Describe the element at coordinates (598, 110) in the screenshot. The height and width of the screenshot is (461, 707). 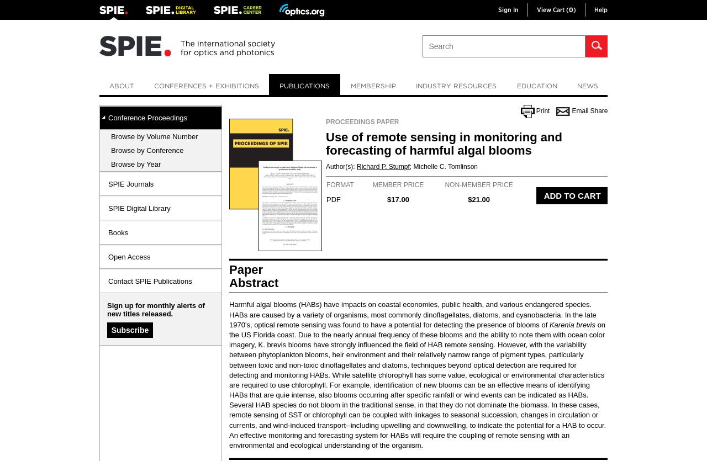
I see `'Share'` at that location.